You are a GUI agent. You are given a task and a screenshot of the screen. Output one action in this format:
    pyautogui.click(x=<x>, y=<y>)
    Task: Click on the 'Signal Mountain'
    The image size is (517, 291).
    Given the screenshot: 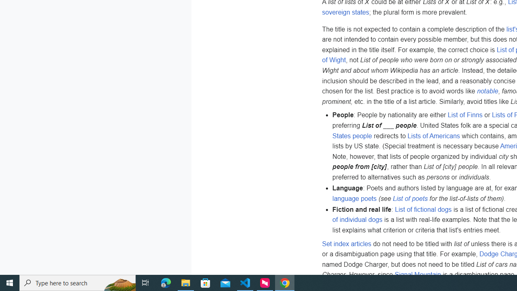 What is the action you would take?
    pyautogui.click(x=418, y=274)
    